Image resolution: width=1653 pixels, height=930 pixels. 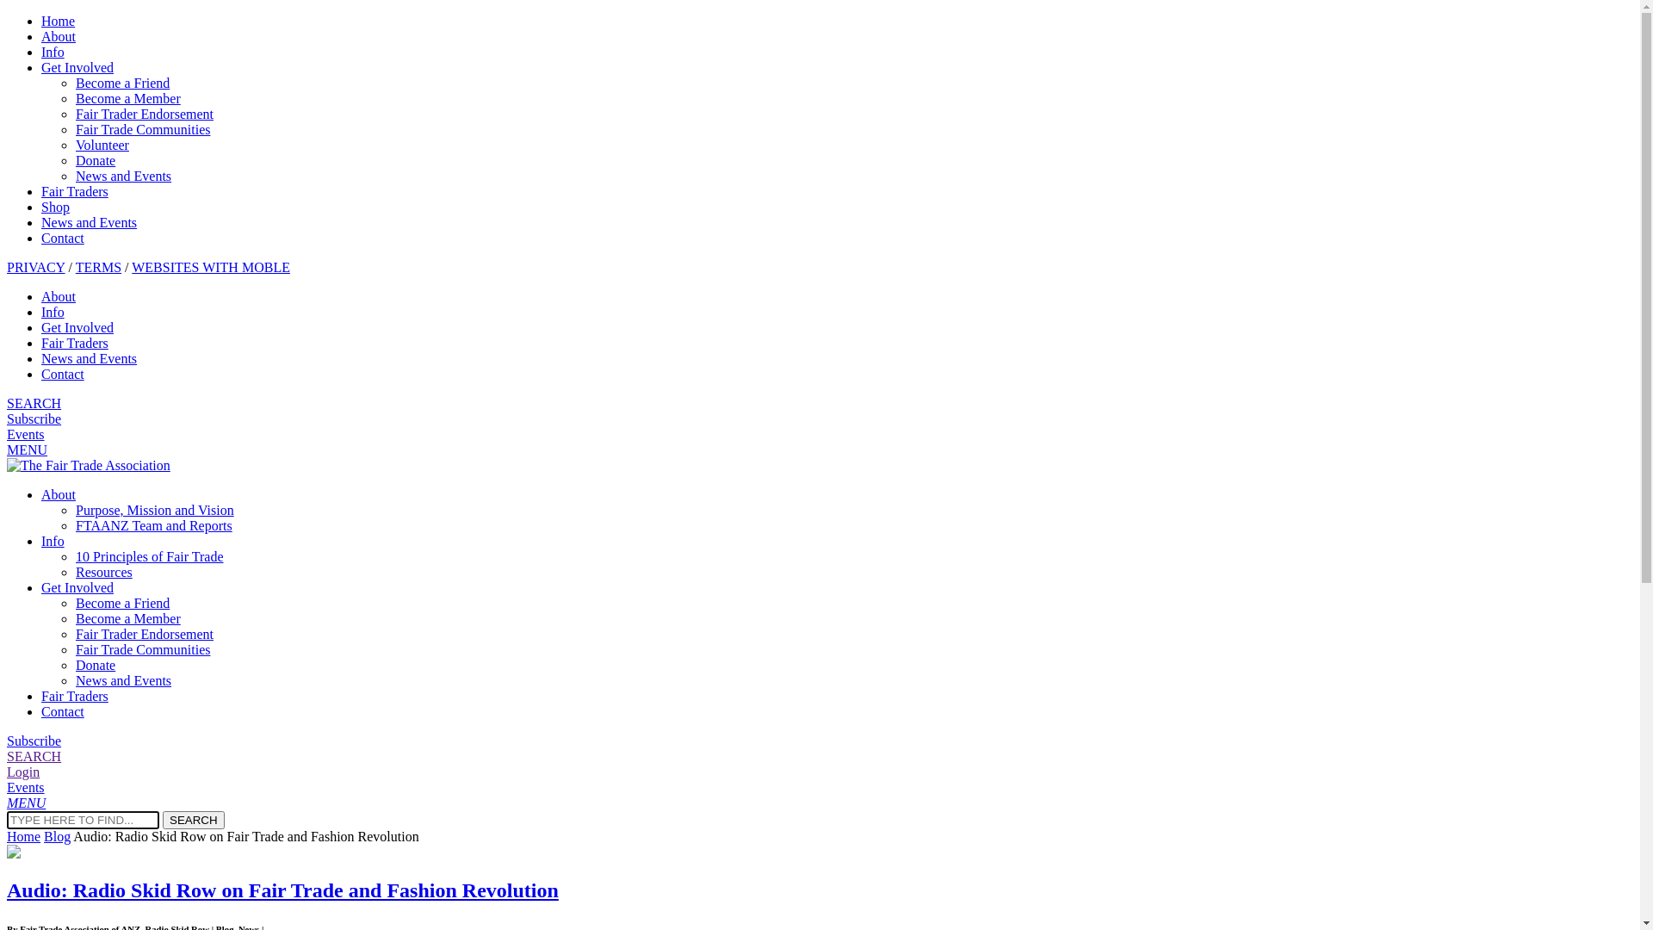 What do you see at coordinates (74, 267) in the screenshot?
I see `'TERMS'` at bounding box center [74, 267].